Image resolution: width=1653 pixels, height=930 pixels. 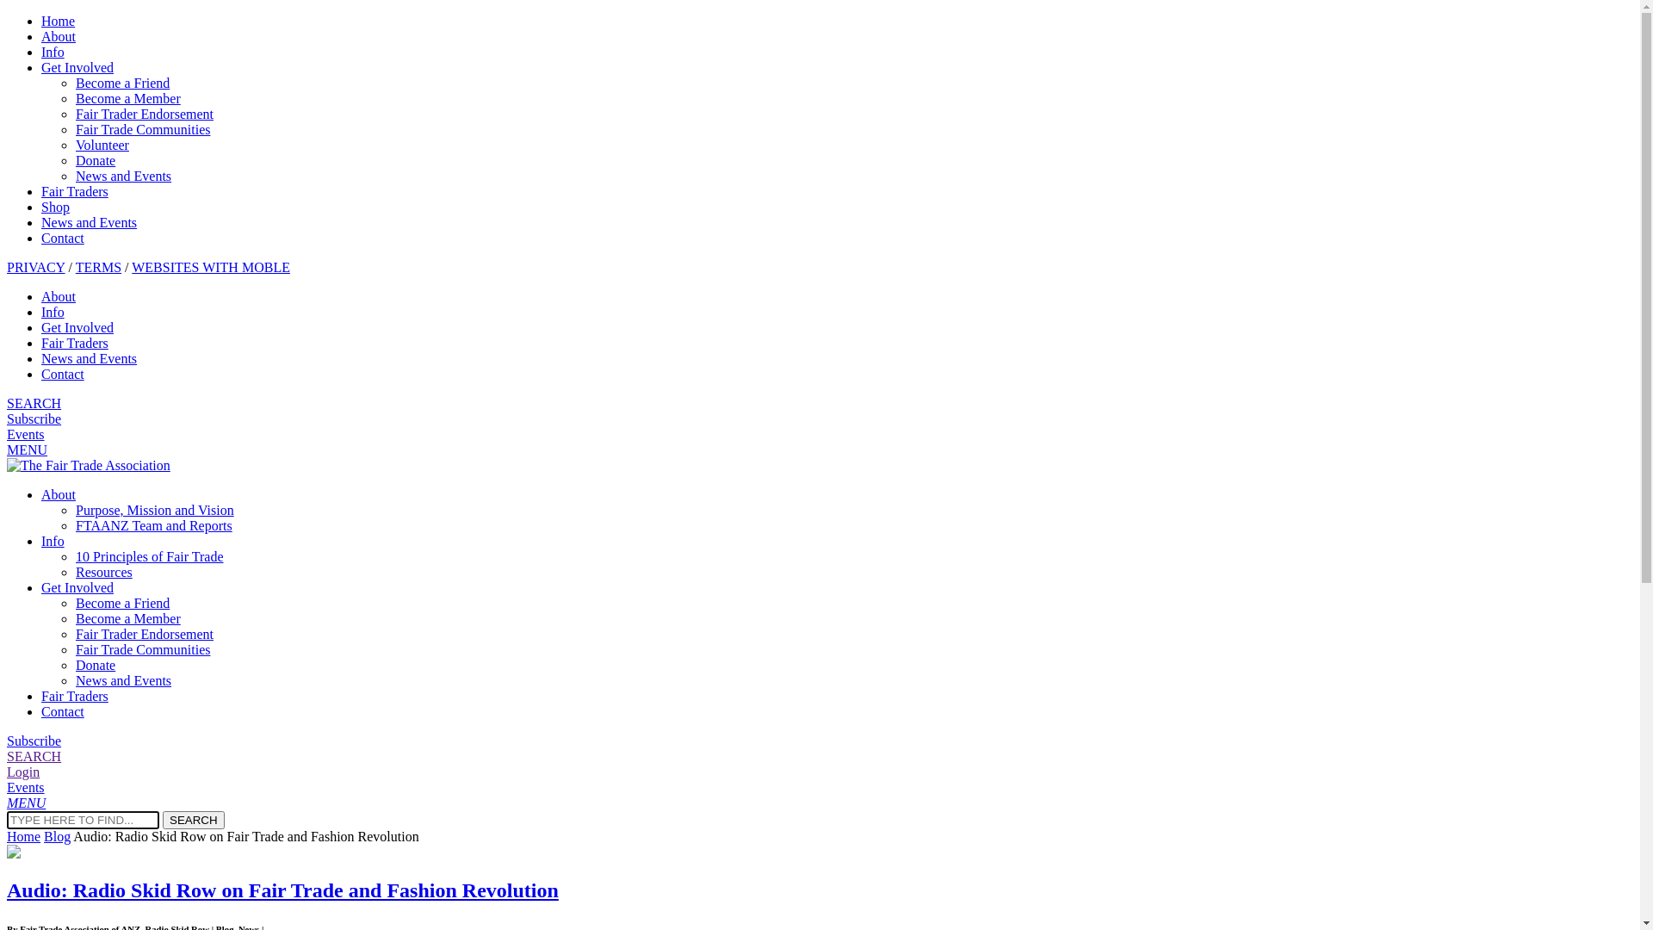 What do you see at coordinates (74, 267) in the screenshot?
I see `'TERMS'` at bounding box center [74, 267].